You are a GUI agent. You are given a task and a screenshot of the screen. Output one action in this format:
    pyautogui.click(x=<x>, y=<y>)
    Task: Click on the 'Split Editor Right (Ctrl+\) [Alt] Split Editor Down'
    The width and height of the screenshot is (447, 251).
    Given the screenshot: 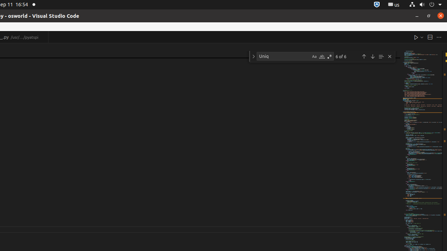 What is the action you would take?
    pyautogui.click(x=429, y=37)
    